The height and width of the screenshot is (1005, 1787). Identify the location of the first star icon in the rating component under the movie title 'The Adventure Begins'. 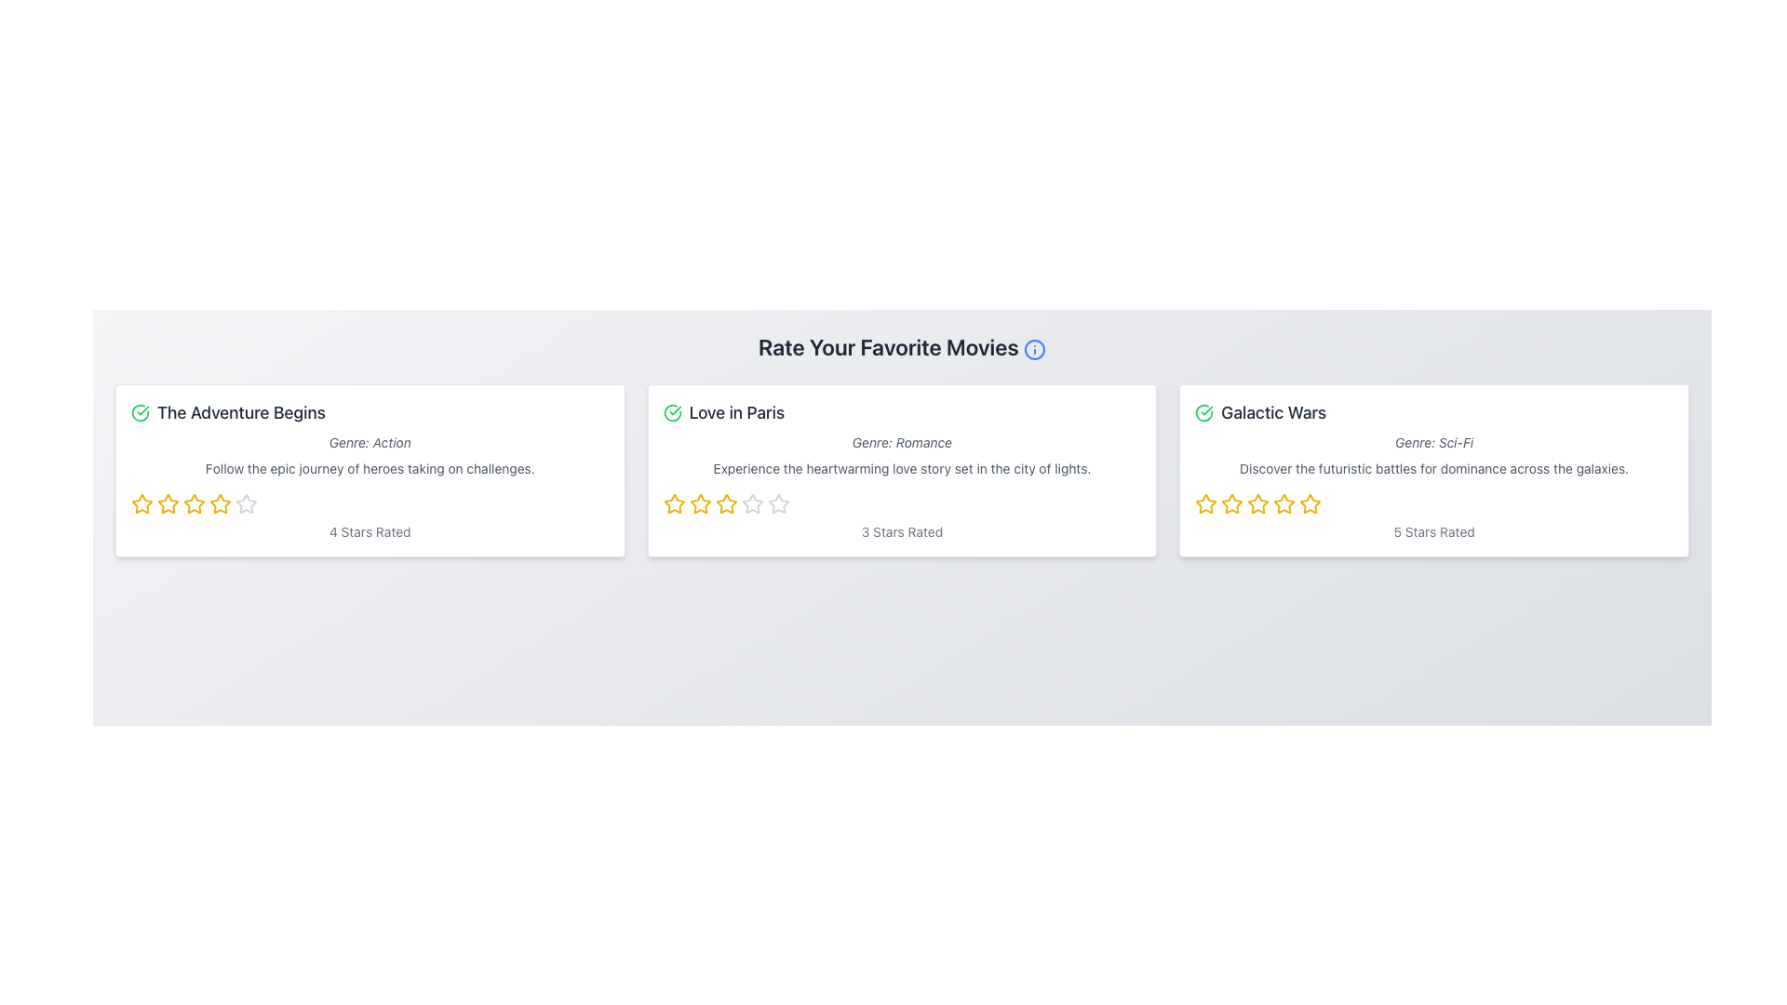
(141, 504).